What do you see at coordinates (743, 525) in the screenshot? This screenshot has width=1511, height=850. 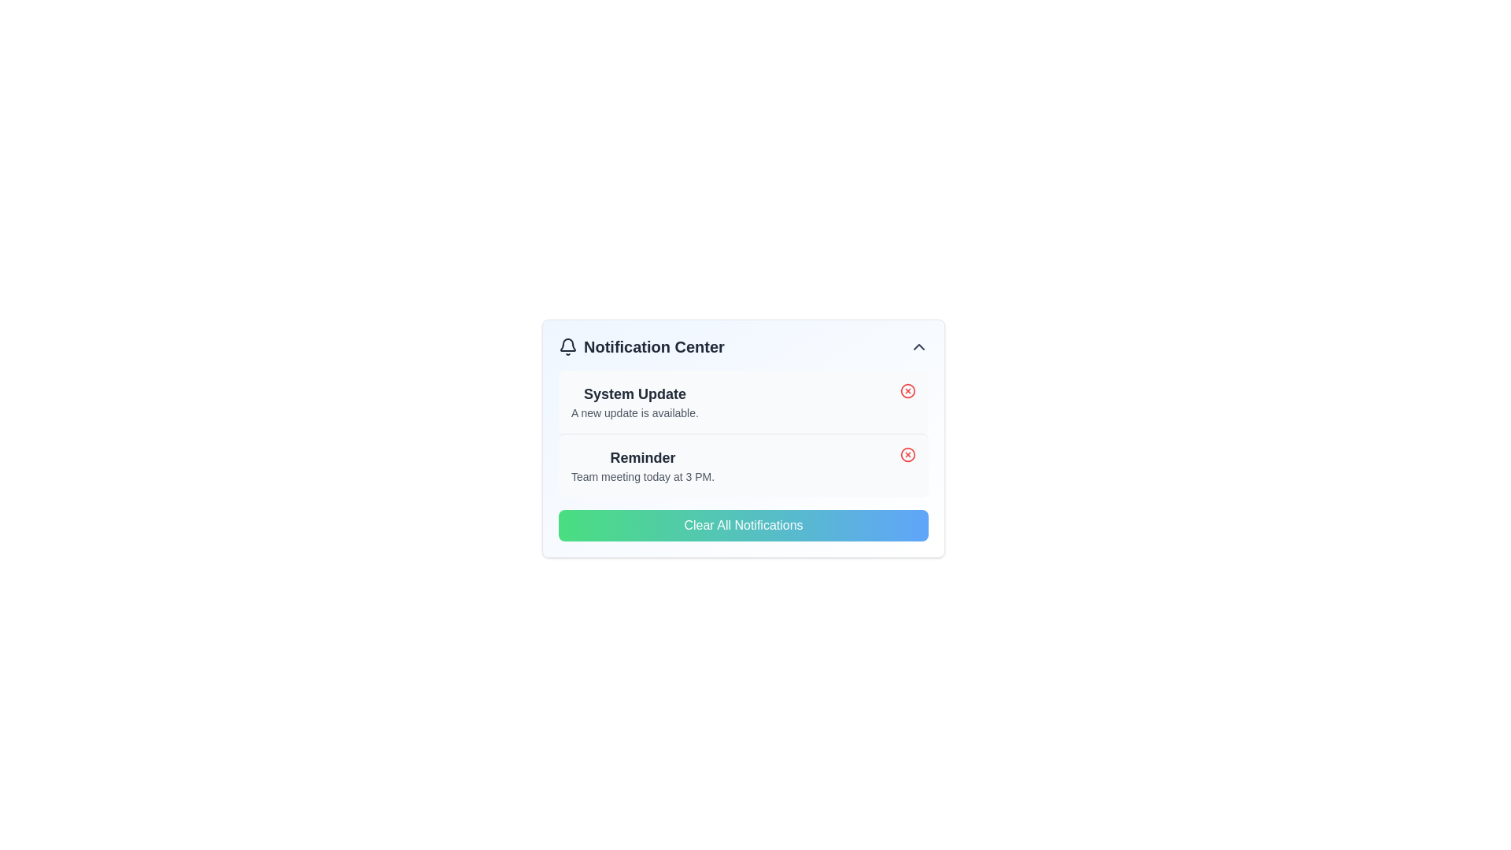 I see `the 'Clear All Notifications' button, which has a gradient background and white text, for visual feedback` at bounding box center [743, 525].